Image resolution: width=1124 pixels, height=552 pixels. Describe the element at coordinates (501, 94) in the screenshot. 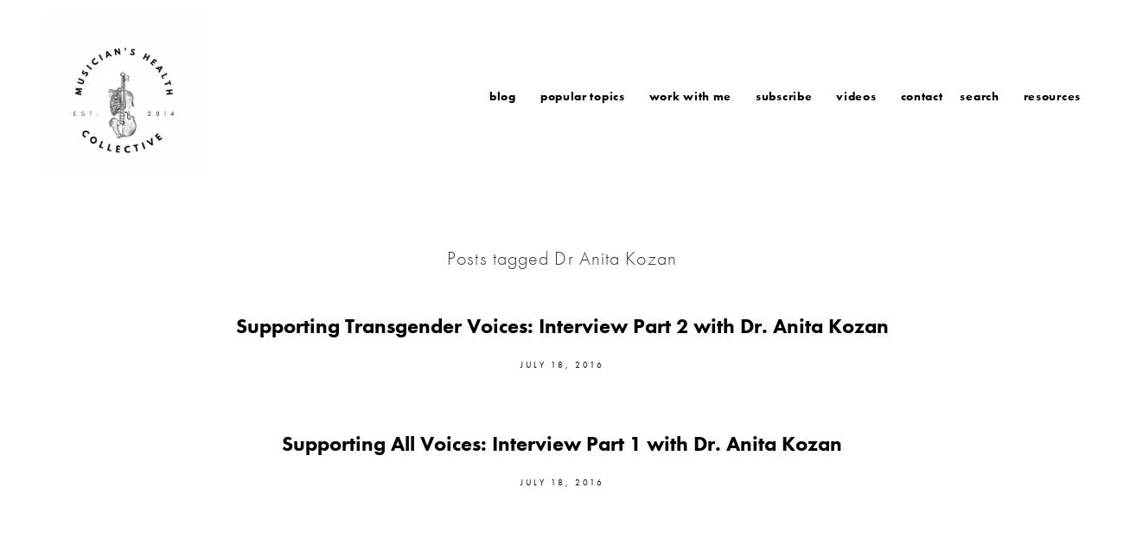

I see `'Blog'` at that location.